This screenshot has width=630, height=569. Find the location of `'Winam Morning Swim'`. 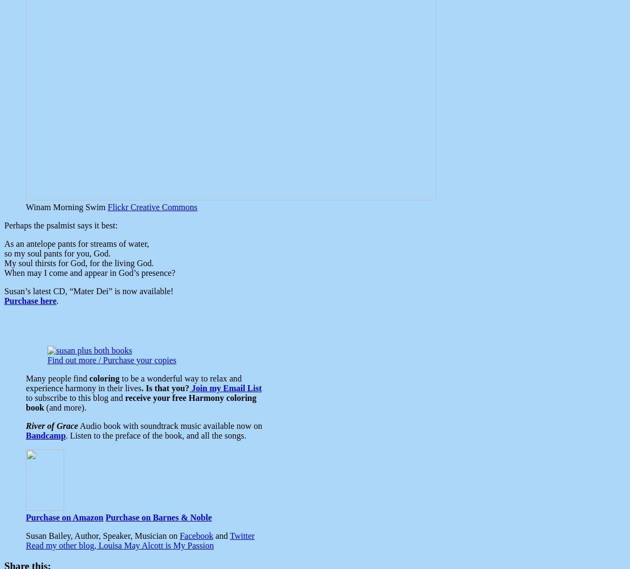

'Winam Morning Swim' is located at coordinates (66, 206).